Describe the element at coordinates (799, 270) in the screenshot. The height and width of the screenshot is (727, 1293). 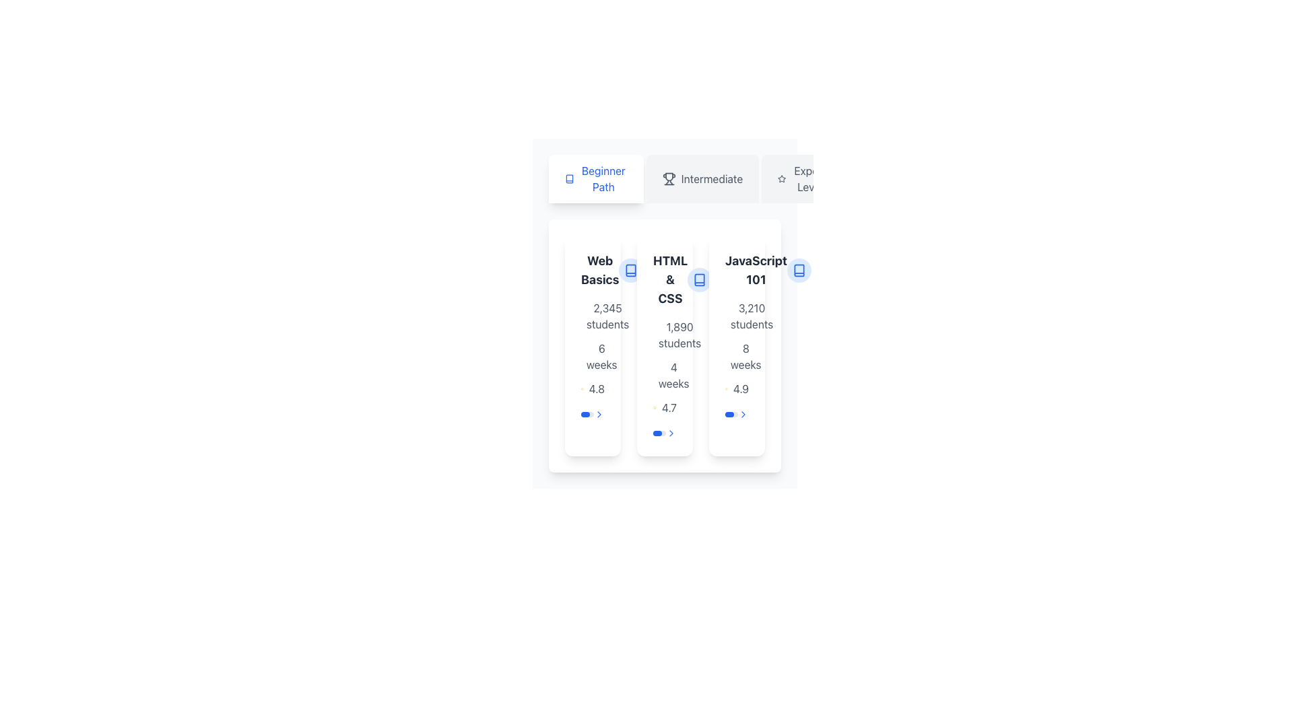
I see `the educational material icon located at the center right of the 'JavaScript 101' card, represented by the class 'lucide lucide-book'` at that location.